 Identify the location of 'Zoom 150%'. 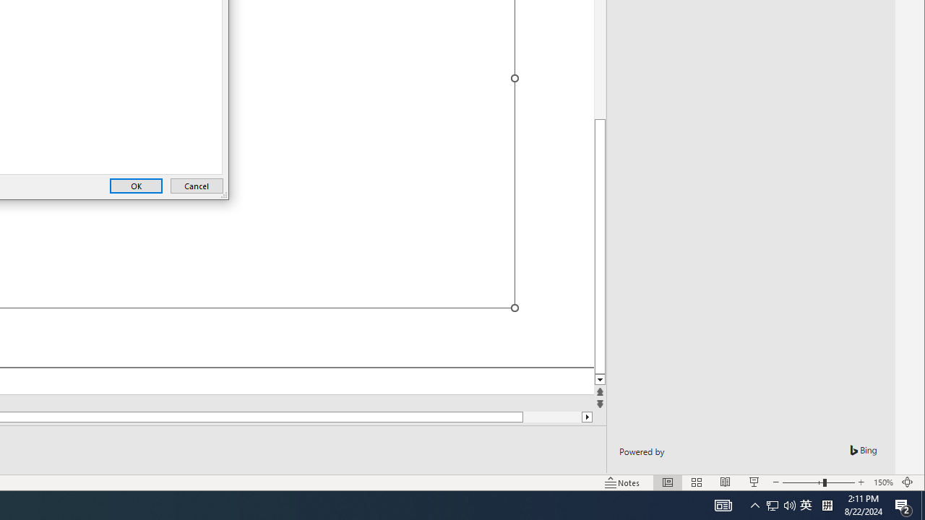
(882, 482).